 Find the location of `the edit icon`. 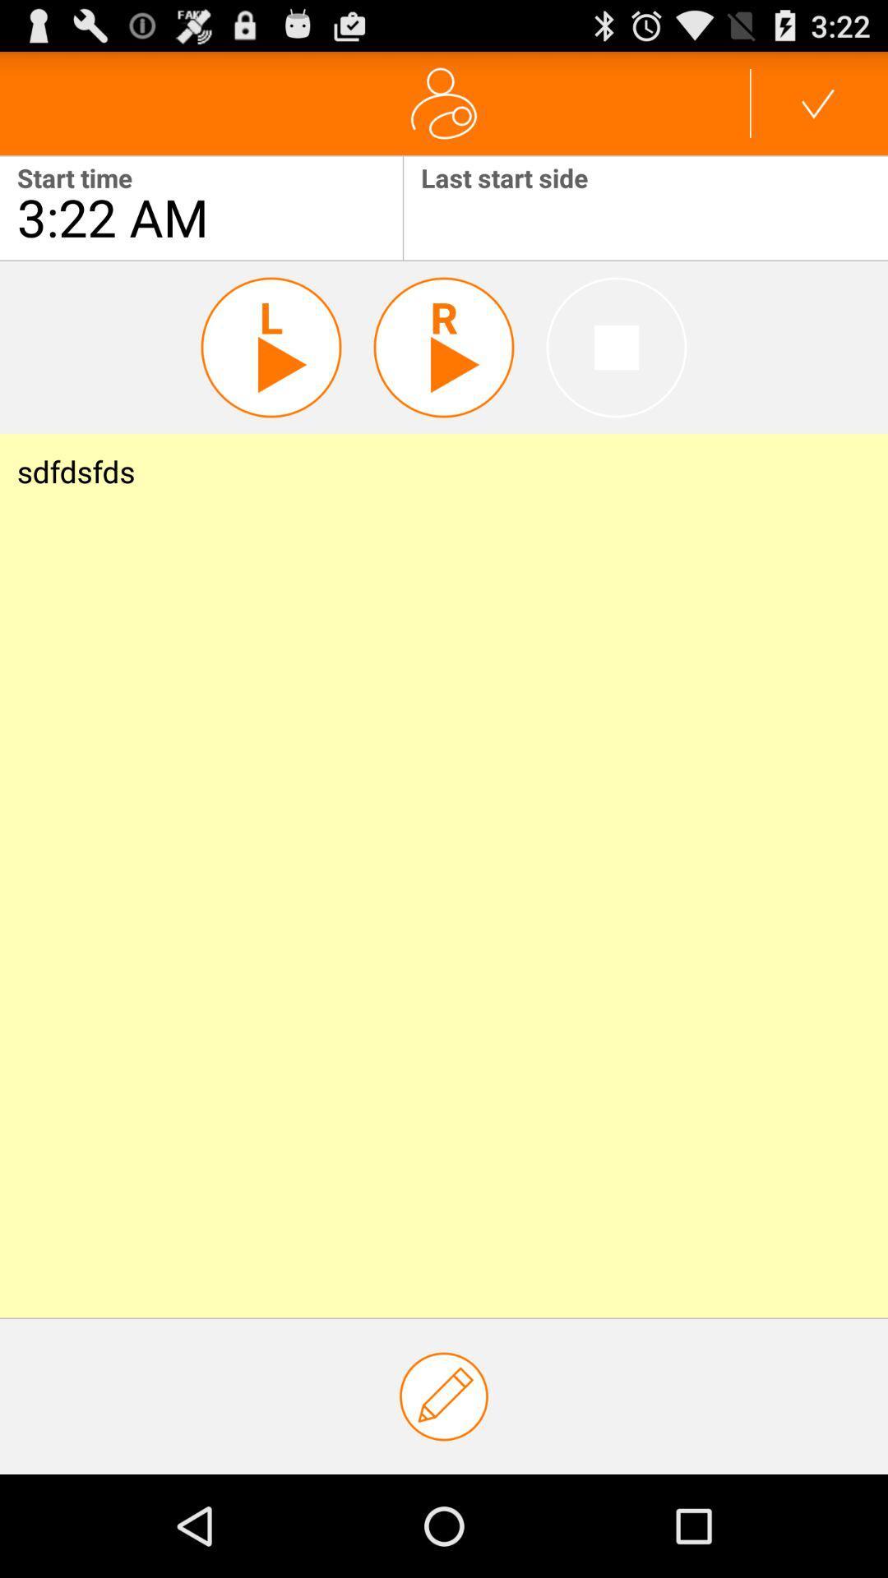

the edit icon is located at coordinates (444, 1494).